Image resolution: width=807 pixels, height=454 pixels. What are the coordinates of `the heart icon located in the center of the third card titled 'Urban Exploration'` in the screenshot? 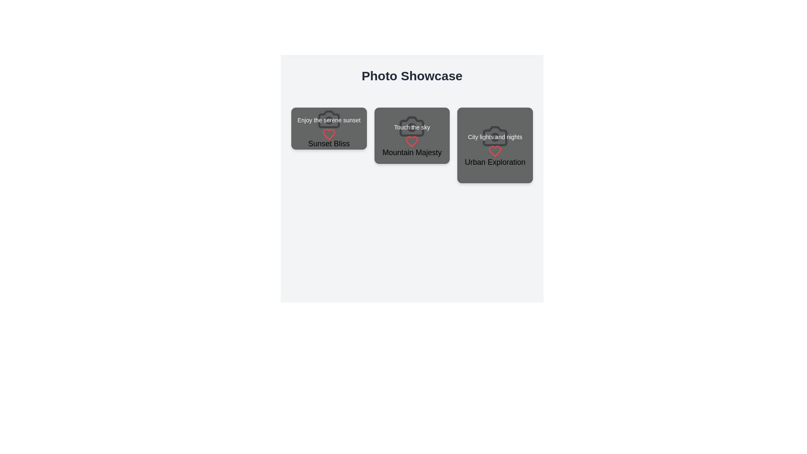 It's located at (495, 150).